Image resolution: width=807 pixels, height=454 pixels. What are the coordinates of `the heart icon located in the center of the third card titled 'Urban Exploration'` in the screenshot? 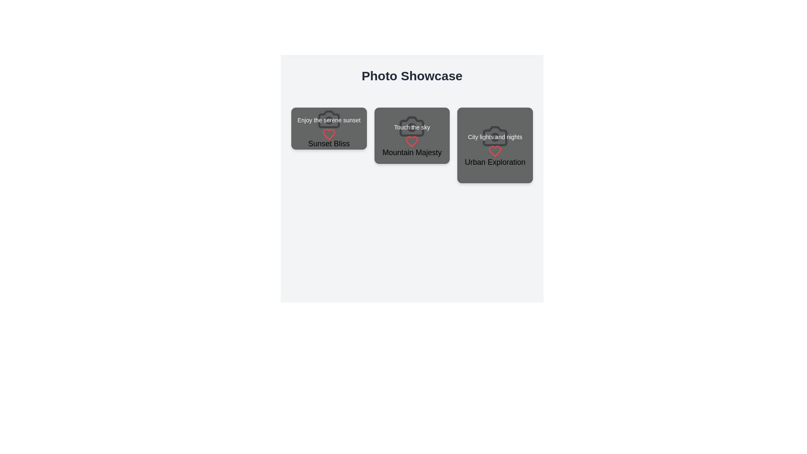 It's located at (495, 150).